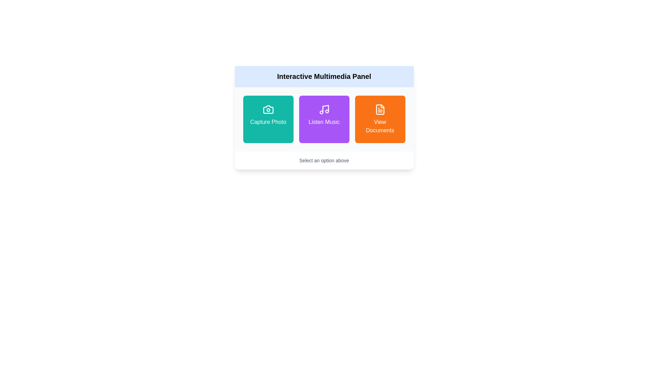 Image resolution: width=671 pixels, height=377 pixels. Describe the element at coordinates (324, 76) in the screenshot. I see `the bold text label reading 'Interactive Multimedia Panel', which is centered at the top section of the panel against a light blue background` at that location.